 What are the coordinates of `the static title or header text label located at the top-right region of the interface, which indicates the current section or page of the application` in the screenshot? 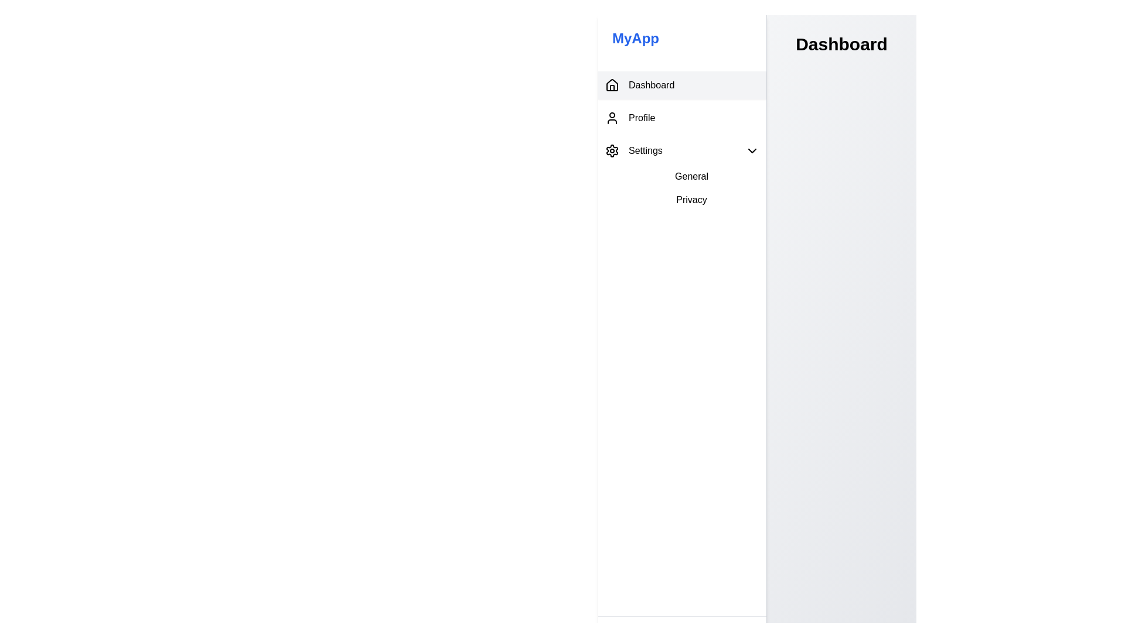 It's located at (841, 44).